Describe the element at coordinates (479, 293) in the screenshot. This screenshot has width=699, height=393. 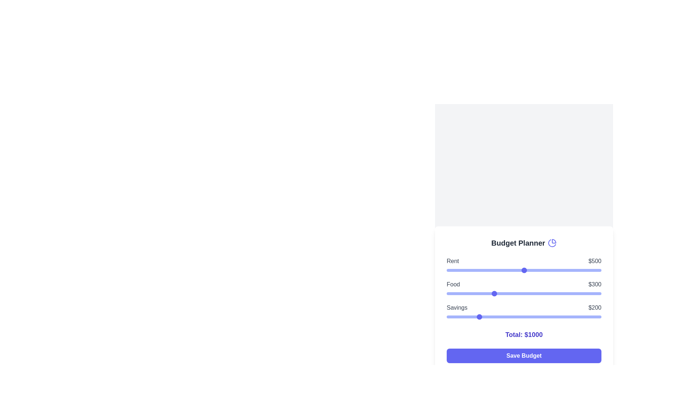
I see `the food budget slider to 211 dollars` at that location.